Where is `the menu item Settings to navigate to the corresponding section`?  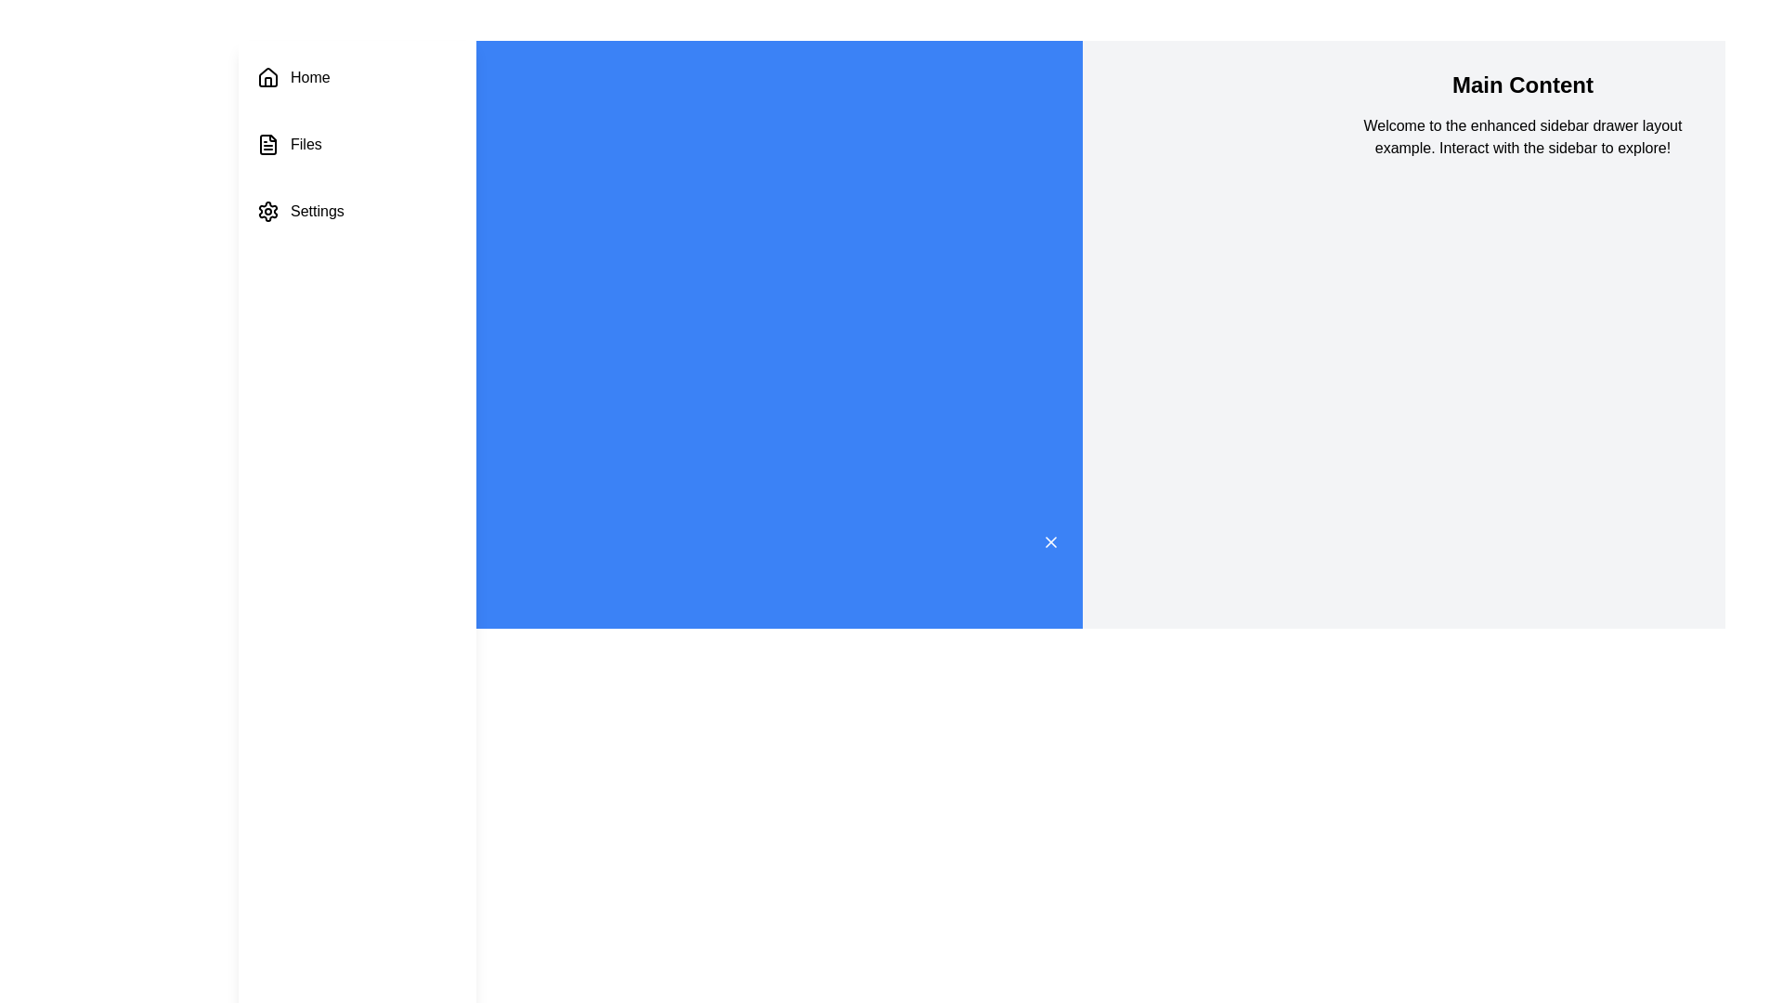
the menu item Settings to navigate to the corresponding section is located at coordinates (357, 210).